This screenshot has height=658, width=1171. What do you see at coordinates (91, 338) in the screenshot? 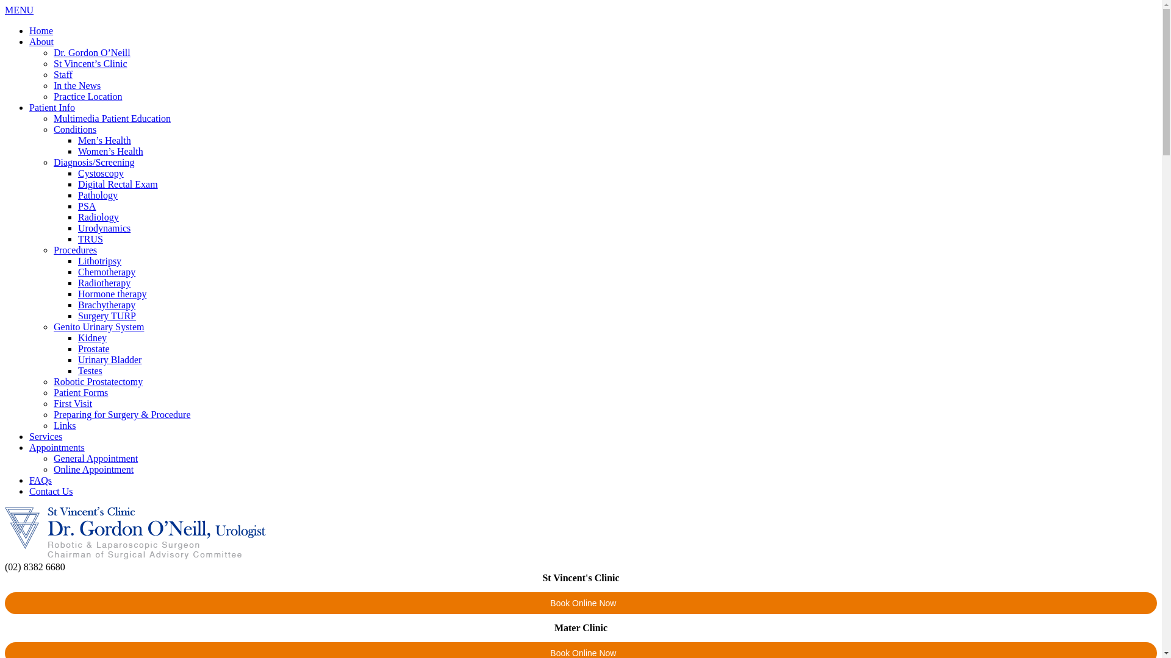
I see `'Kidney'` at bounding box center [91, 338].